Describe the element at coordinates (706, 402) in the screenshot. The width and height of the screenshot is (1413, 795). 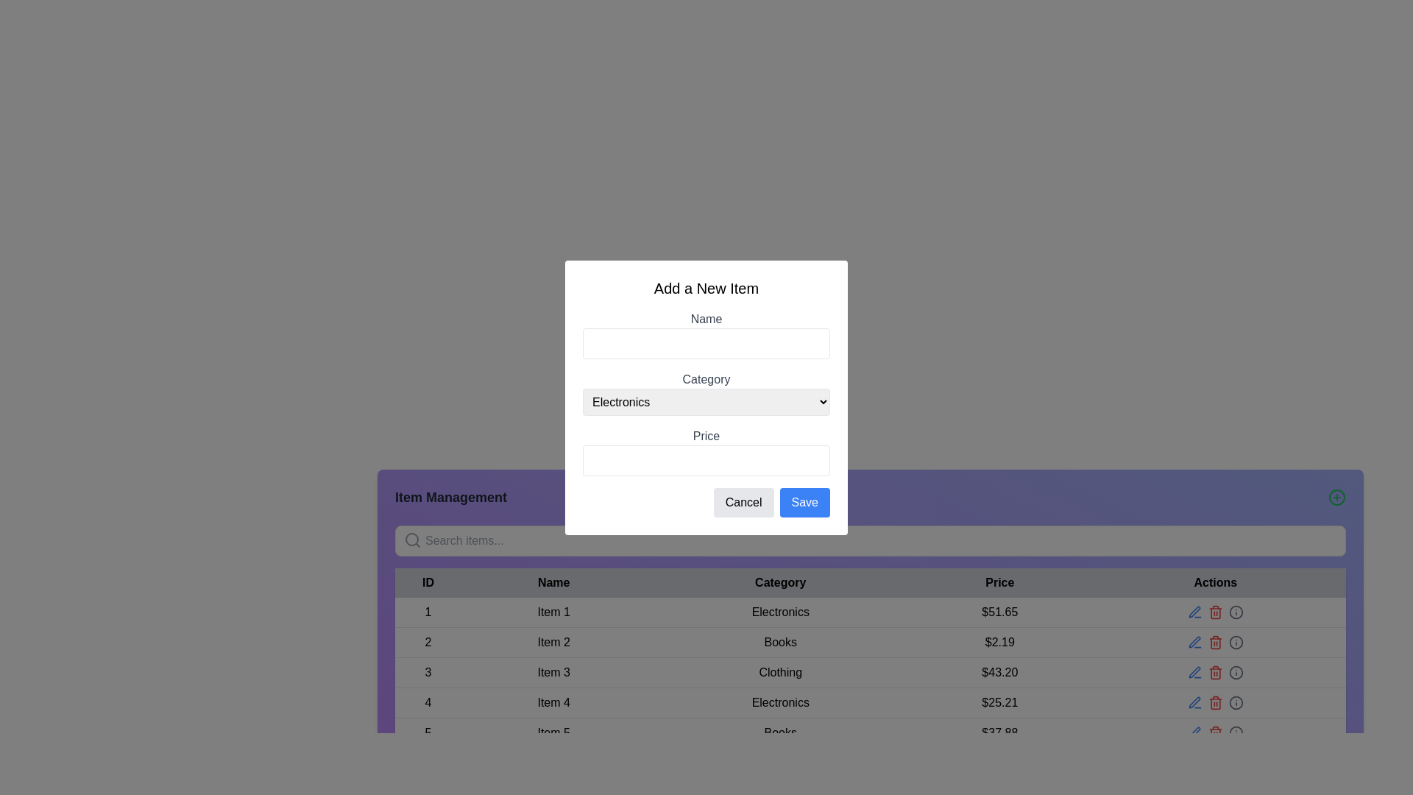
I see `an option from the 'Electronics' dropdown menu located below the 'Category' label in the 'Add a New Item' dialog box` at that location.